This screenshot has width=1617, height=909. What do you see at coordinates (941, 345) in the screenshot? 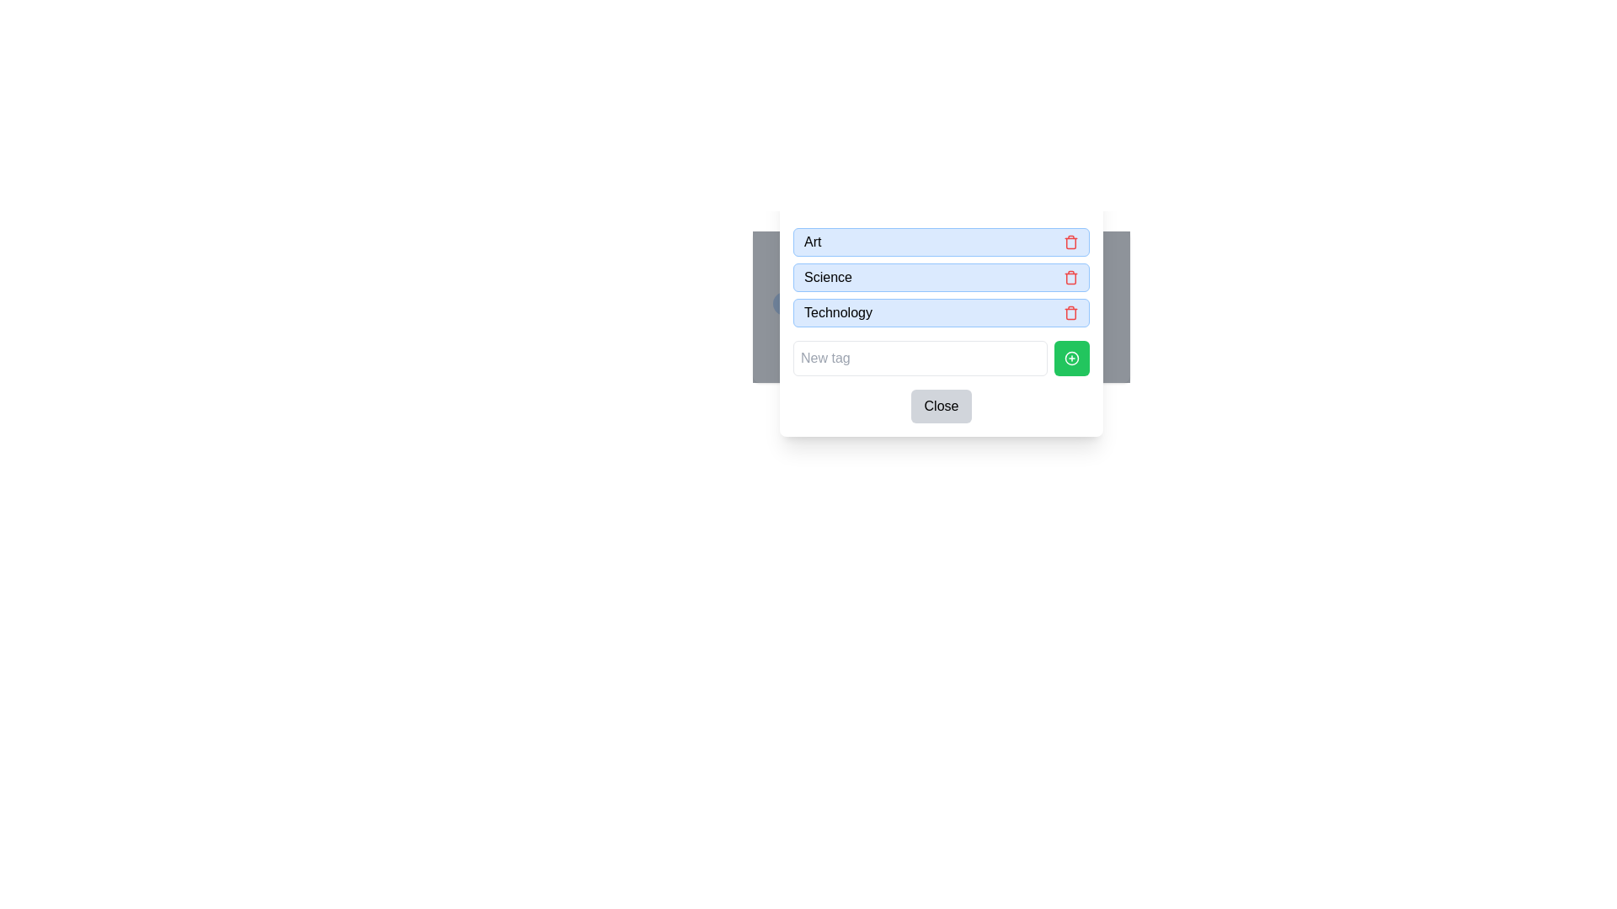
I see `the tag management button located at the bottom section of the modal window` at bounding box center [941, 345].